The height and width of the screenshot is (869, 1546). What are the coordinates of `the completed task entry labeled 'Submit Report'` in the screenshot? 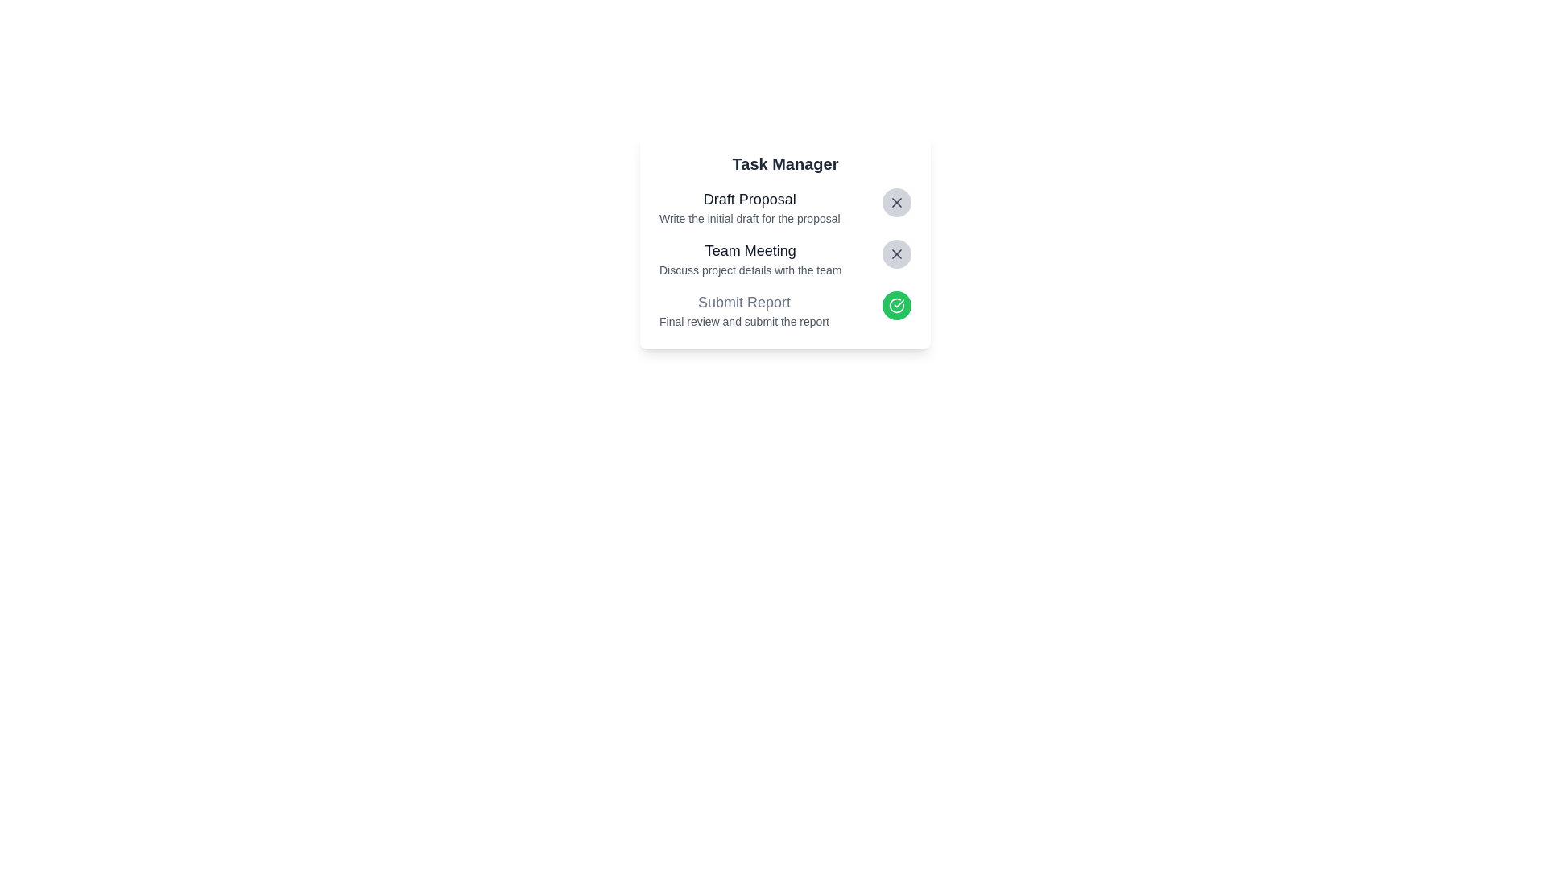 It's located at (785, 293).